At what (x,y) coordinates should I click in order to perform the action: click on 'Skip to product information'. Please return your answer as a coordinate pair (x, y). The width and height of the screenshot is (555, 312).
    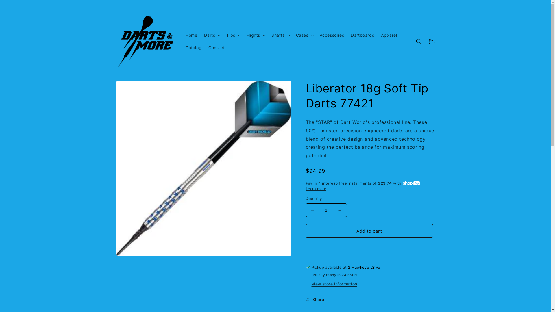
    Looking at the image, I should click on (133, 87).